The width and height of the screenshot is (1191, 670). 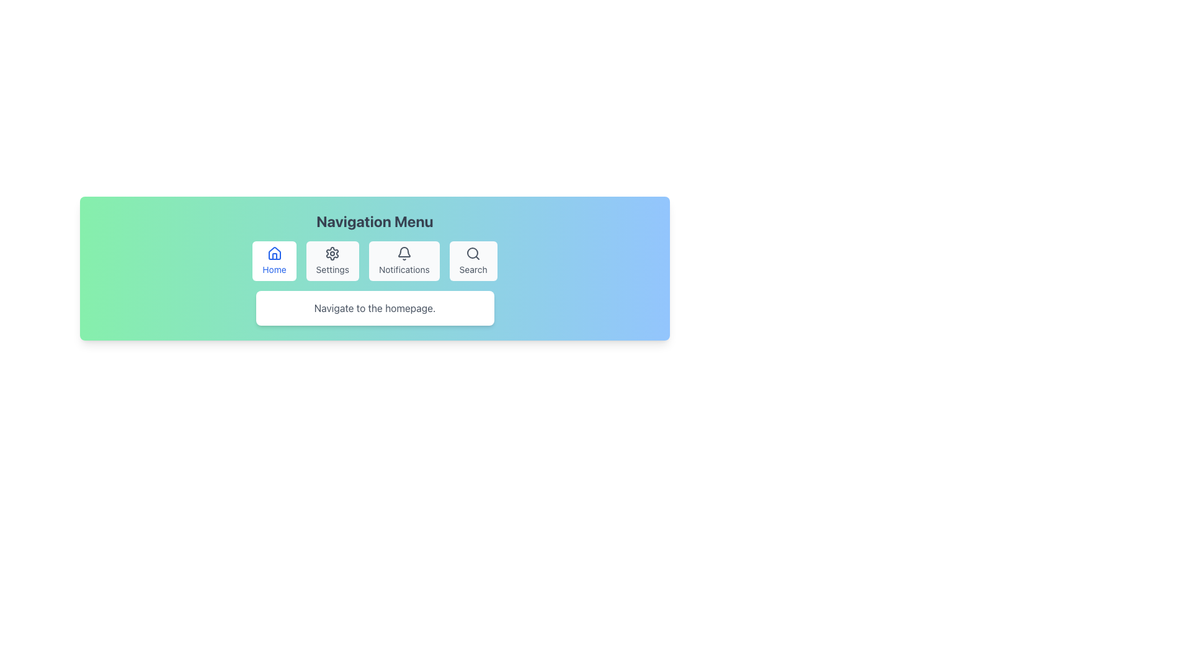 I want to click on the 'Search' button with a light gray background and magnifying glass icon, so click(x=473, y=260).